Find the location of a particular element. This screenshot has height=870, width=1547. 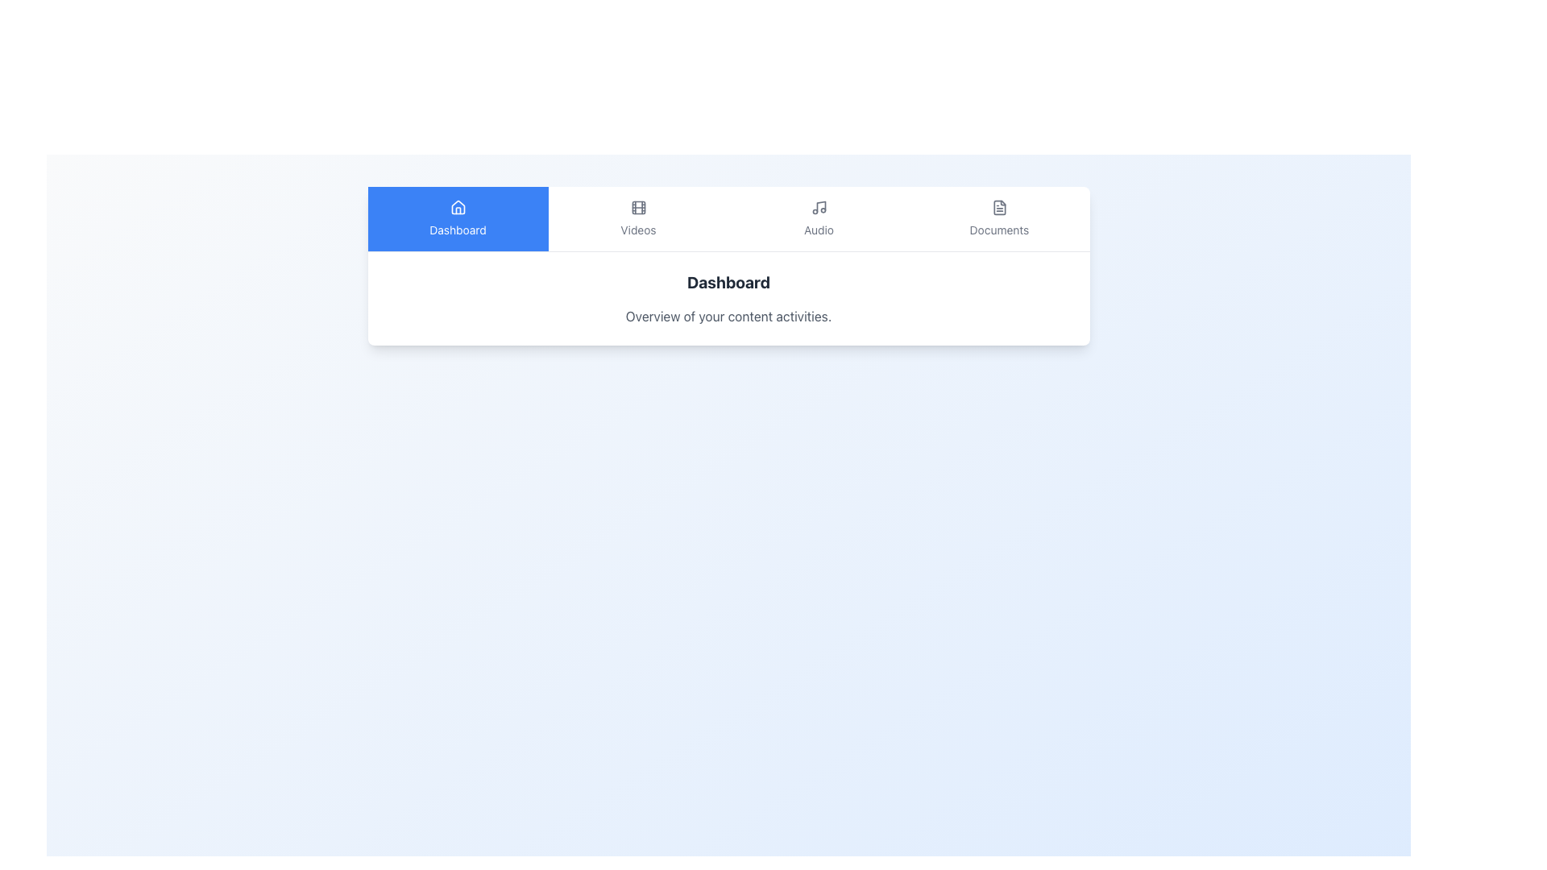

the 'Dashboard' button, which features a house icon above the label and is styled with a blue background and white text, located in the upper section of the interface as part of a navigation menu is located at coordinates (457, 219).